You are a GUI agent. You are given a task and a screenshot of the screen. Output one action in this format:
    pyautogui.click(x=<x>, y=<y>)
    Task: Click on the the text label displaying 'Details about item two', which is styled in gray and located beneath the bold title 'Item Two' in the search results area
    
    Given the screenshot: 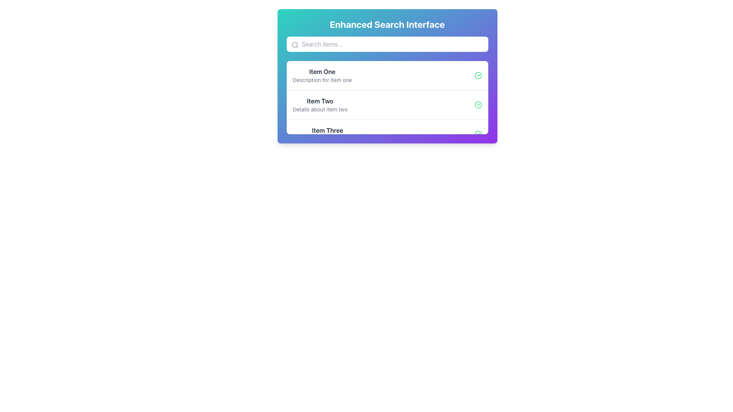 What is the action you would take?
    pyautogui.click(x=320, y=109)
    